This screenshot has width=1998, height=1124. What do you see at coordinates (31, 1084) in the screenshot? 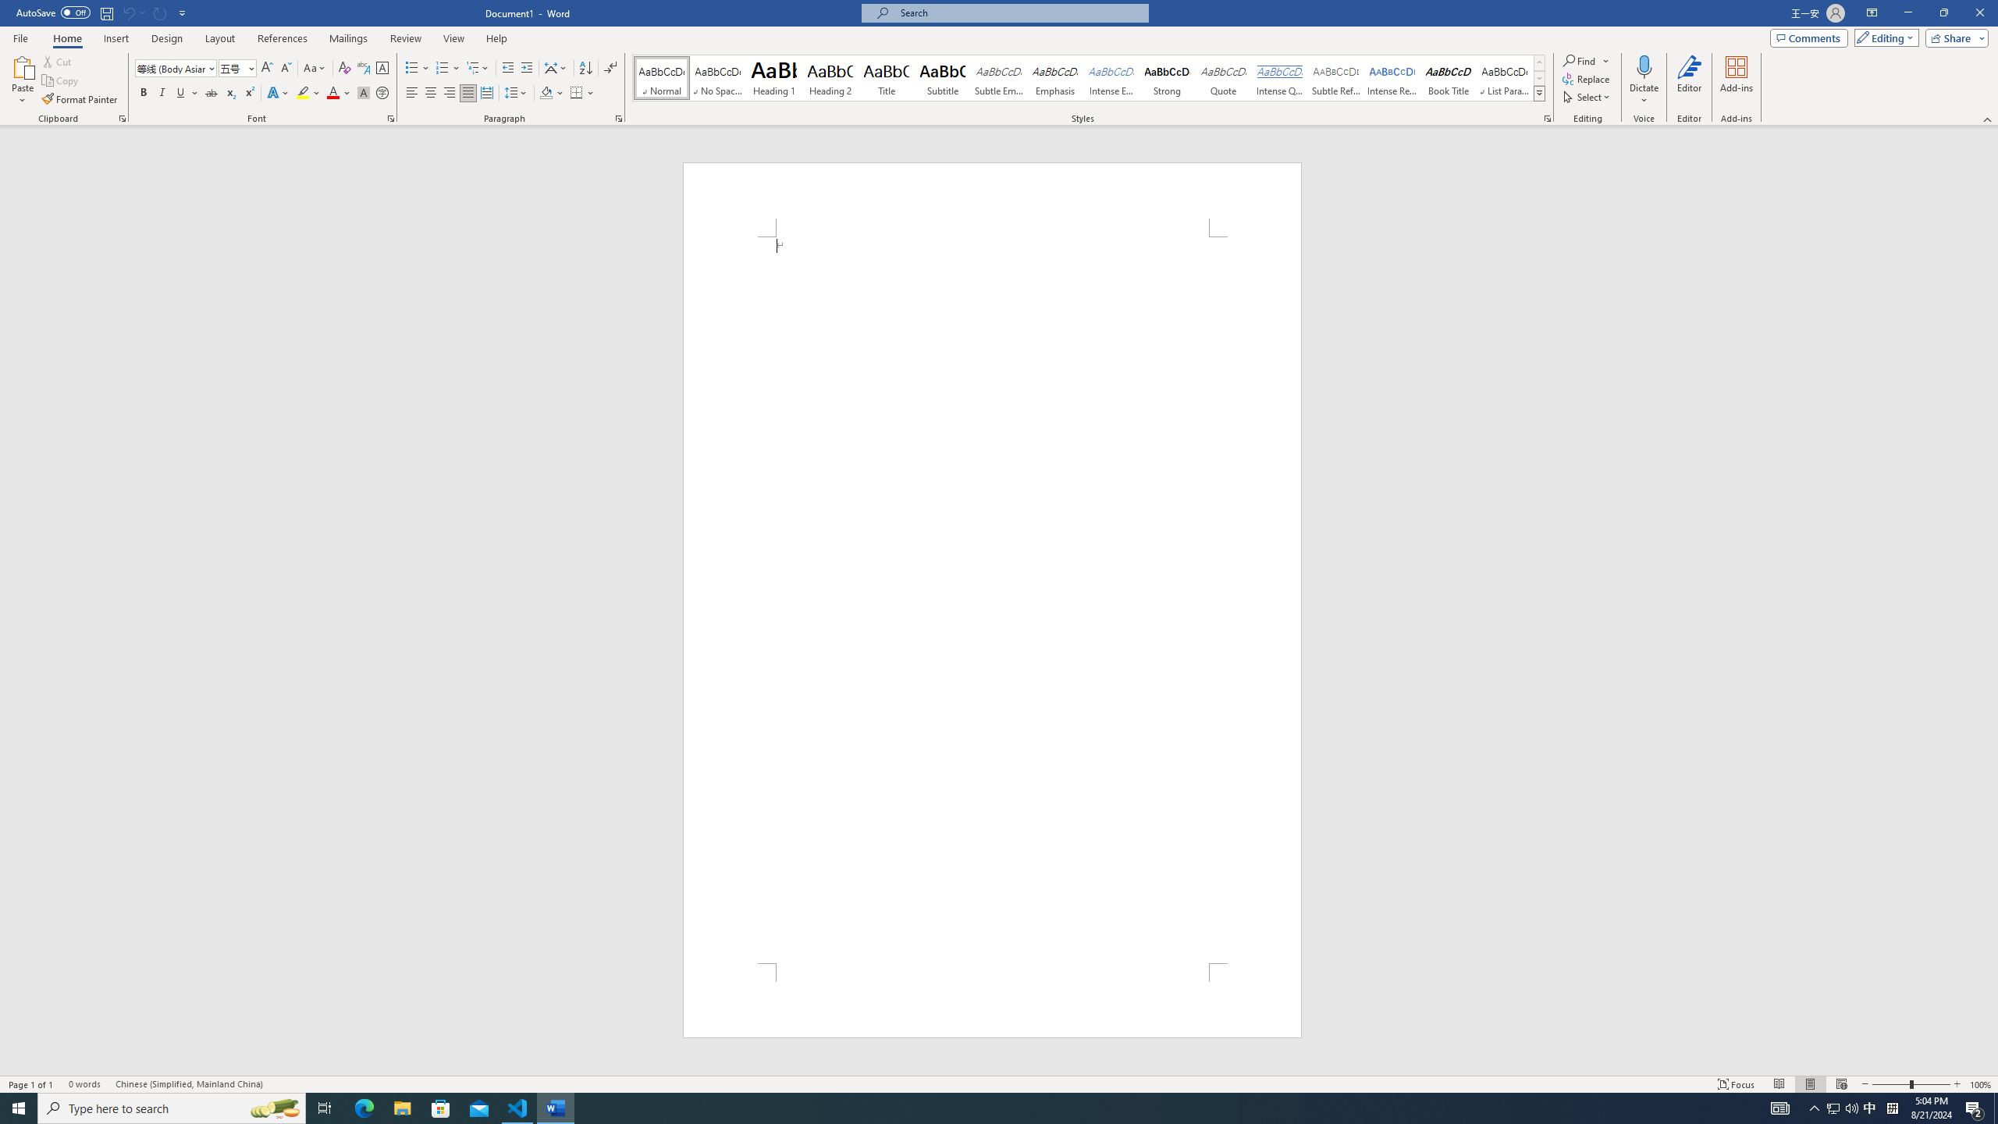
I see `'Page Number Page 1 of 1'` at bounding box center [31, 1084].